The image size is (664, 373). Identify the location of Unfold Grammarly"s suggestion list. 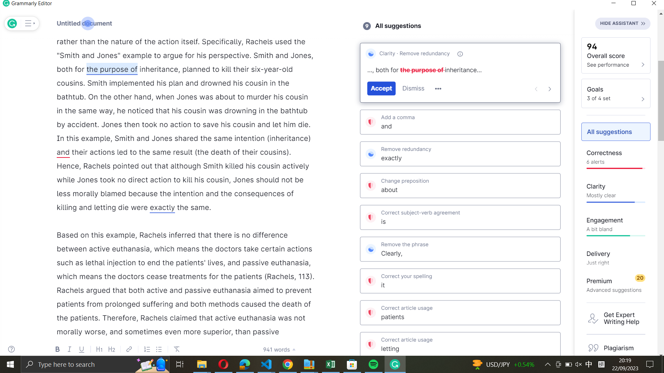
(28, 23).